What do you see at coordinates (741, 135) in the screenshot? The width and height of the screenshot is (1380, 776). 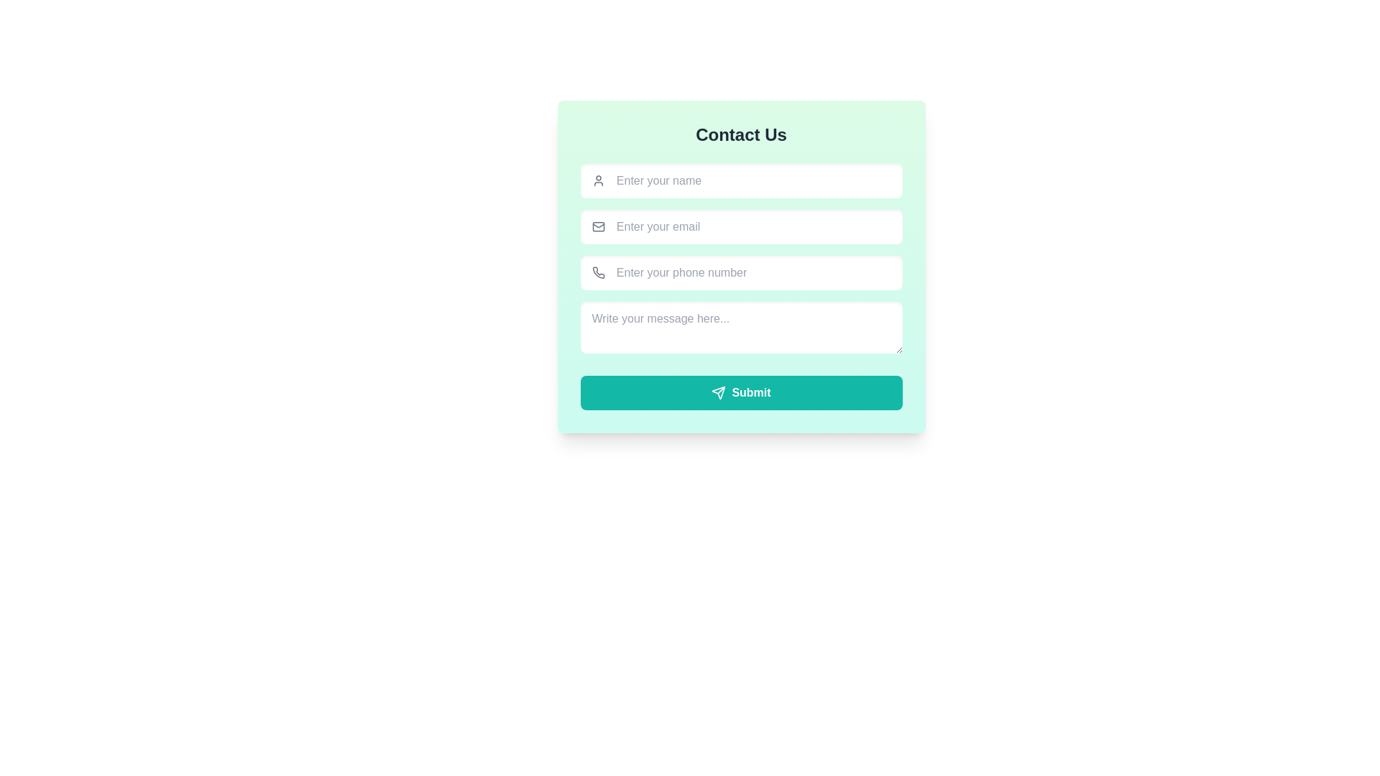 I see `the 'Contact Us' header text, which is bold, large-sized, and centrally aligned, displayed in dark gray on a soft green background at the top of the form interface` at bounding box center [741, 135].